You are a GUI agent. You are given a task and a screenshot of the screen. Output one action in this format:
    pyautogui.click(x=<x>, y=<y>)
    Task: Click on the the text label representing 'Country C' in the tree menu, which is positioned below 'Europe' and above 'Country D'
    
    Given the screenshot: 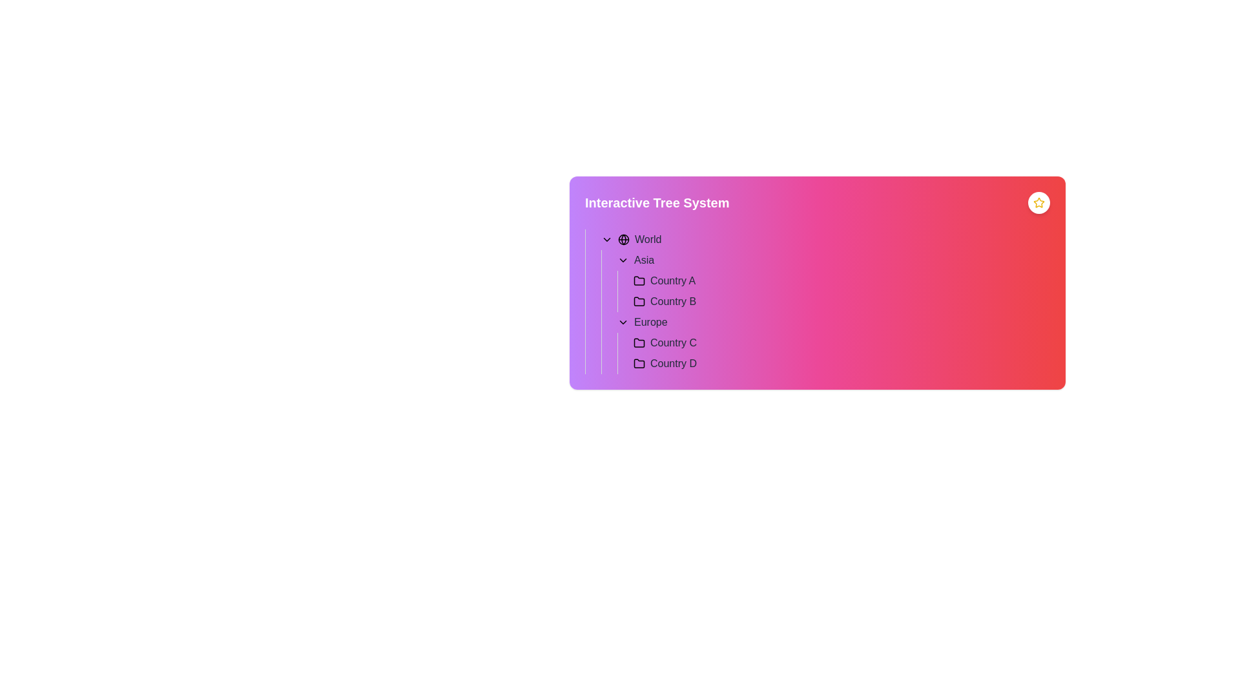 What is the action you would take?
    pyautogui.click(x=672, y=343)
    